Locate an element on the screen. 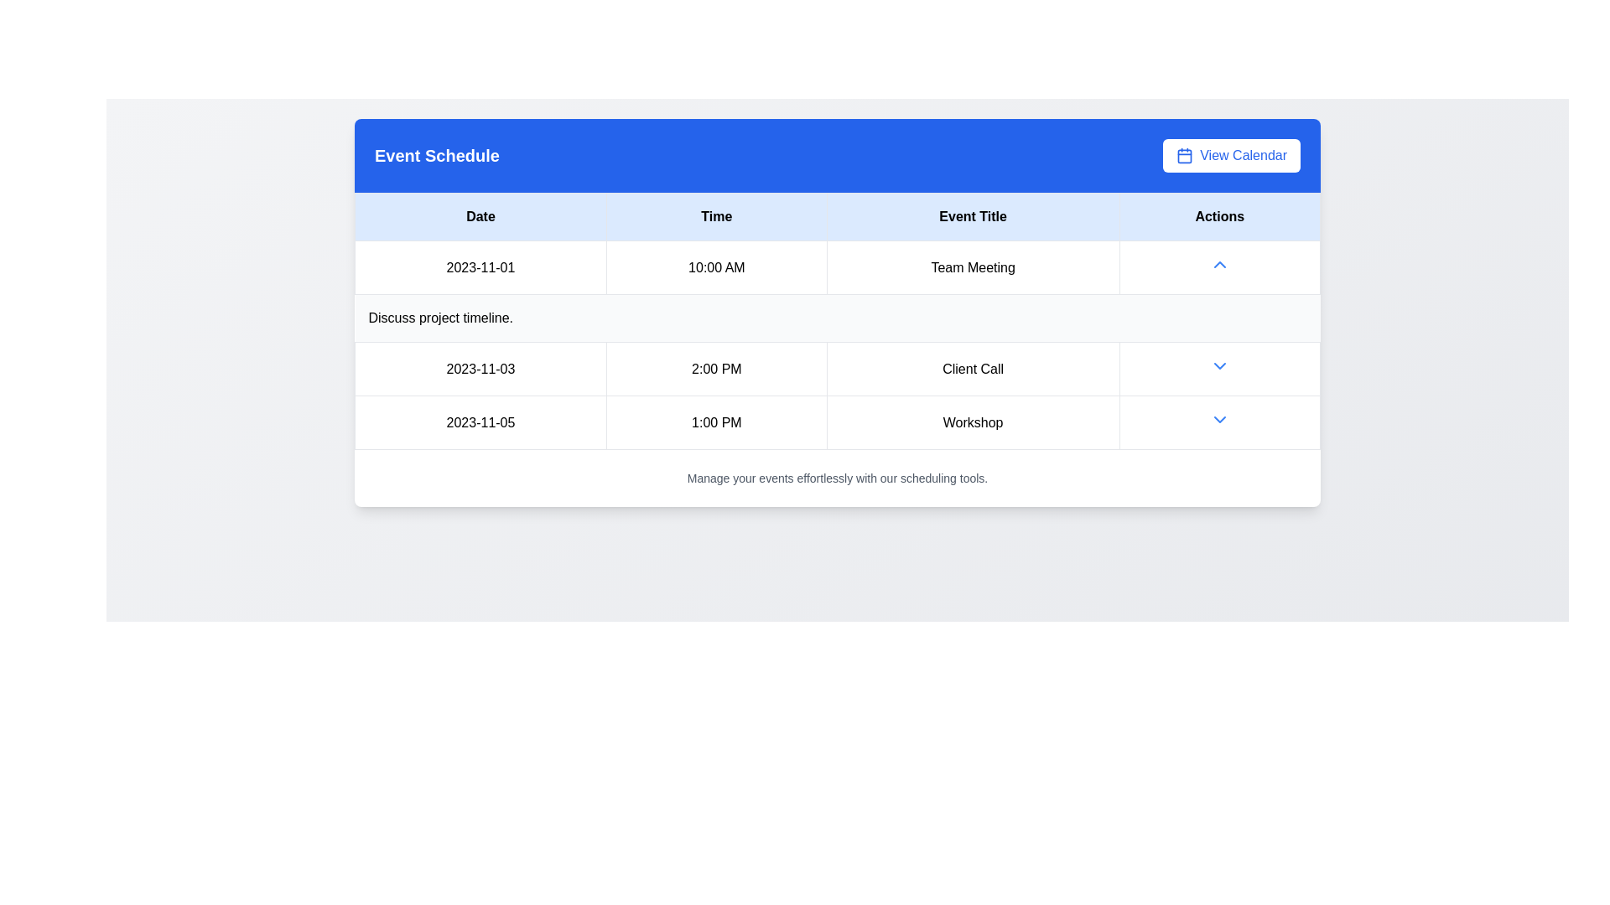  the 'View Calendar' text label, which is styled with blue font color and located next to a small calendar icon in the top right corner of a table header is located at coordinates (1244, 155).